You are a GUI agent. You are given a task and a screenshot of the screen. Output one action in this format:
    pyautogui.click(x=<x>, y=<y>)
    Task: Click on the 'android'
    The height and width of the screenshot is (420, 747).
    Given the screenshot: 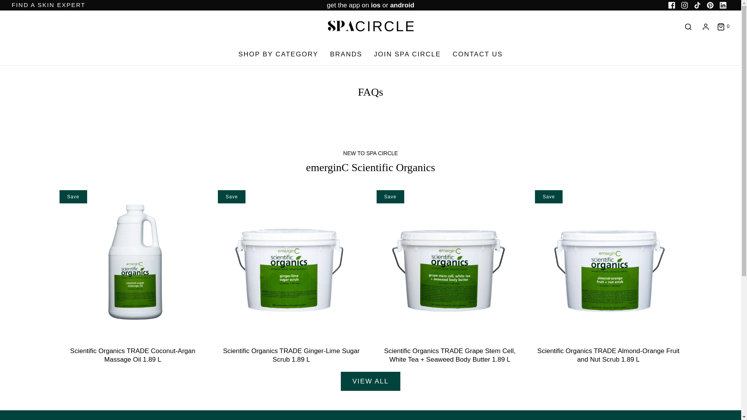 What is the action you would take?
    pyautogui.click(x=402, y=5)
    